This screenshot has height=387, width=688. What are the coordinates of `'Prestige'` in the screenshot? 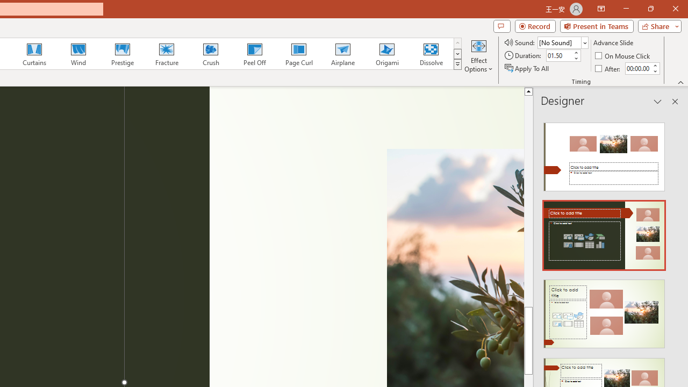 It's located at (122, 54).